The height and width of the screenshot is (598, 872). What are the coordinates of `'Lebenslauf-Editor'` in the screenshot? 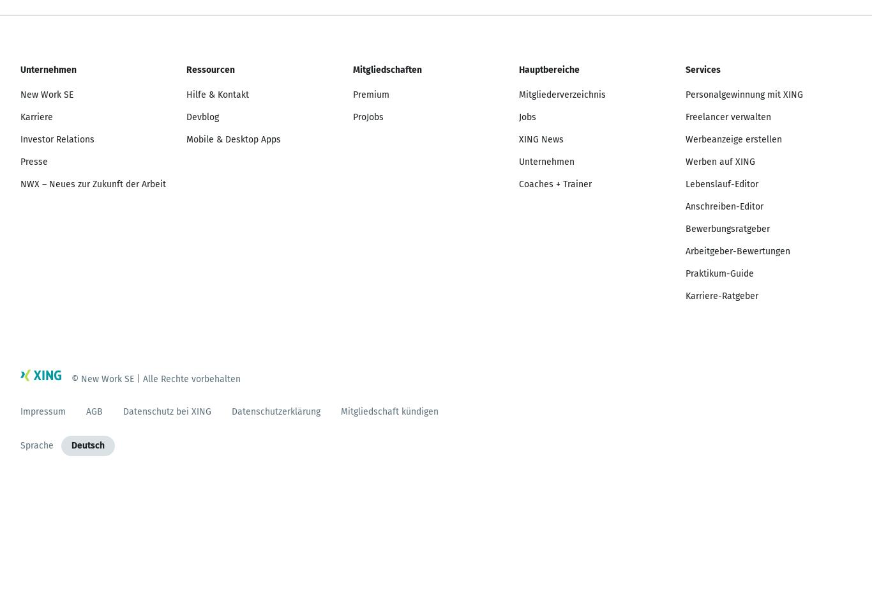 It's located at (720, 183).